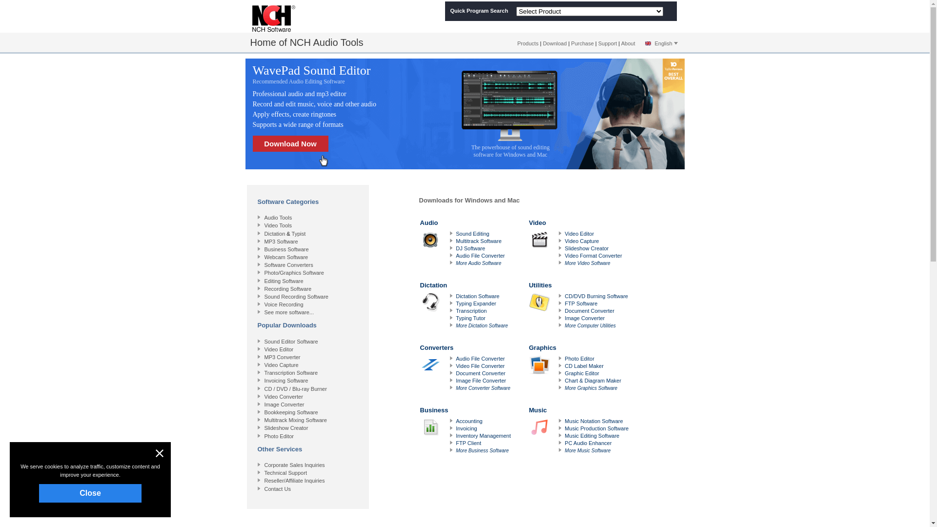  Describe the element at coordinates (468, 443) in the screenshot. I see `'FTP Client'` at that location.